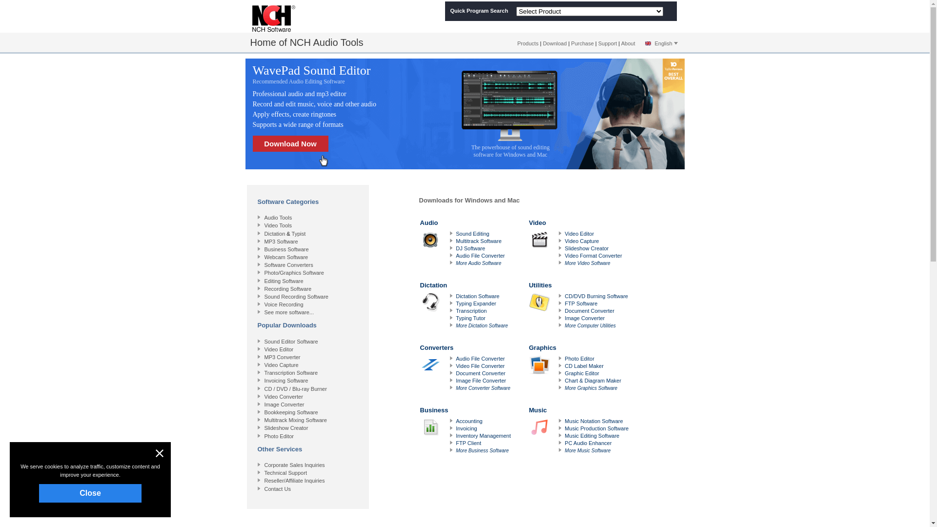  Describe the element at coordinates (468, 443) in the screenshot. I see `'FTP Client'` at that location.